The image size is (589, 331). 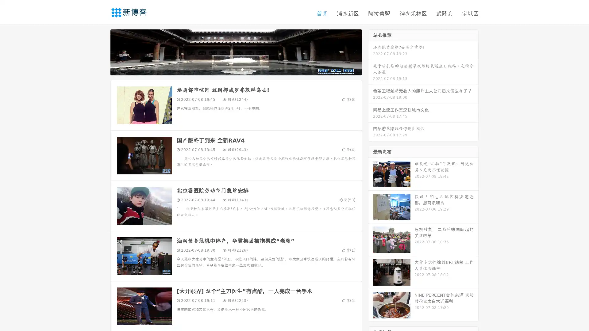 I want to click on Next slide, so click(x=371, y=51).